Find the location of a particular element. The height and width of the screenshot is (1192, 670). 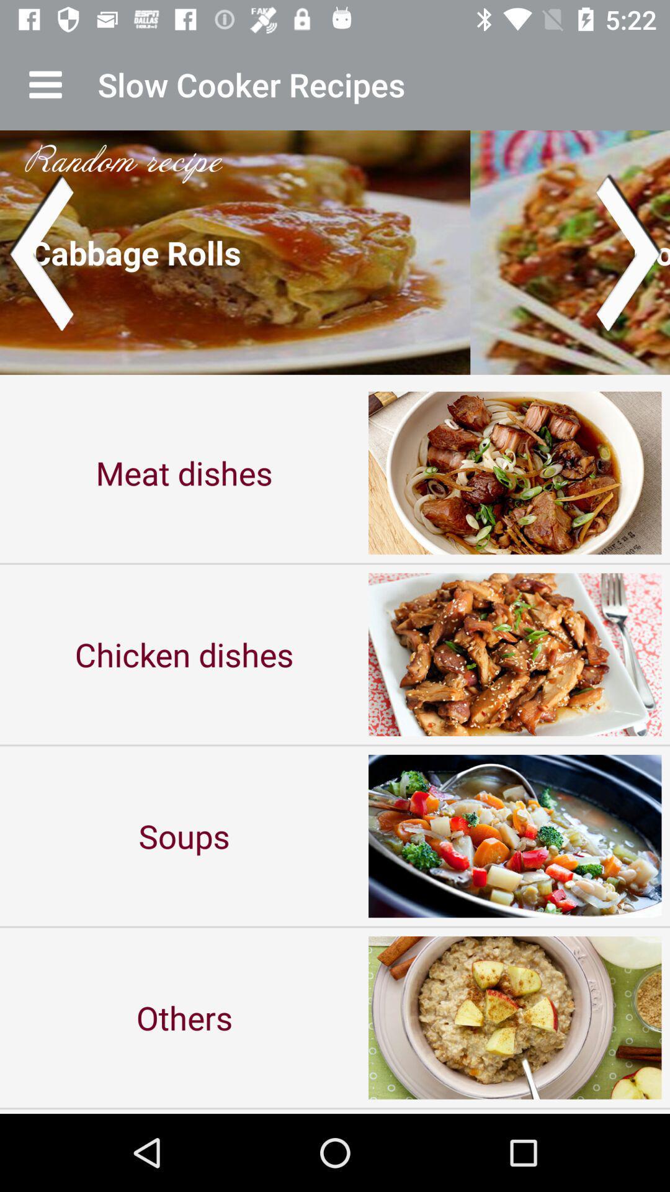

the item above the chicken dishes icon is located at coordinates (184, 472).